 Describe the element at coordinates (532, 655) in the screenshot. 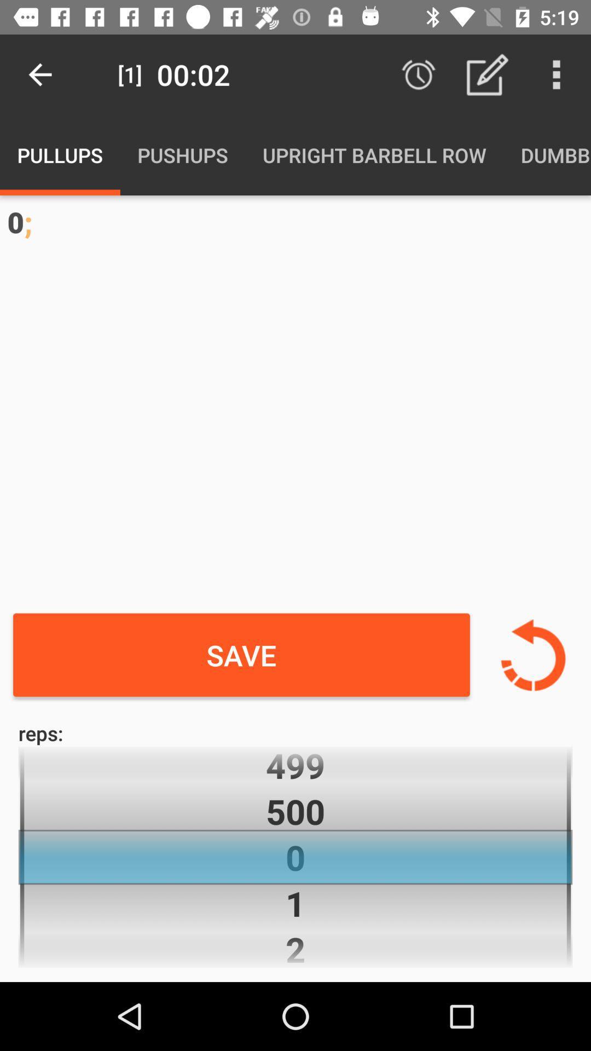

I see `return to previous data` at that location.